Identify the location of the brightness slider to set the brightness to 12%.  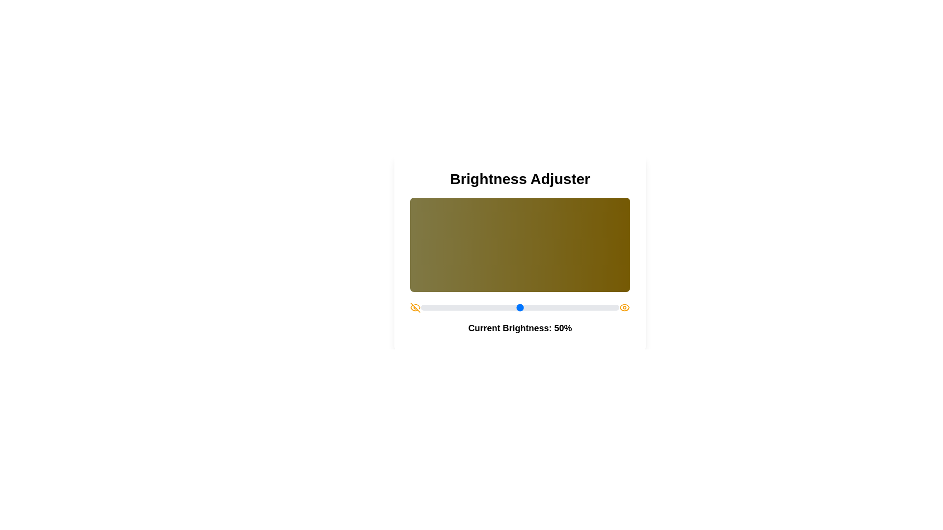
(444, 307).